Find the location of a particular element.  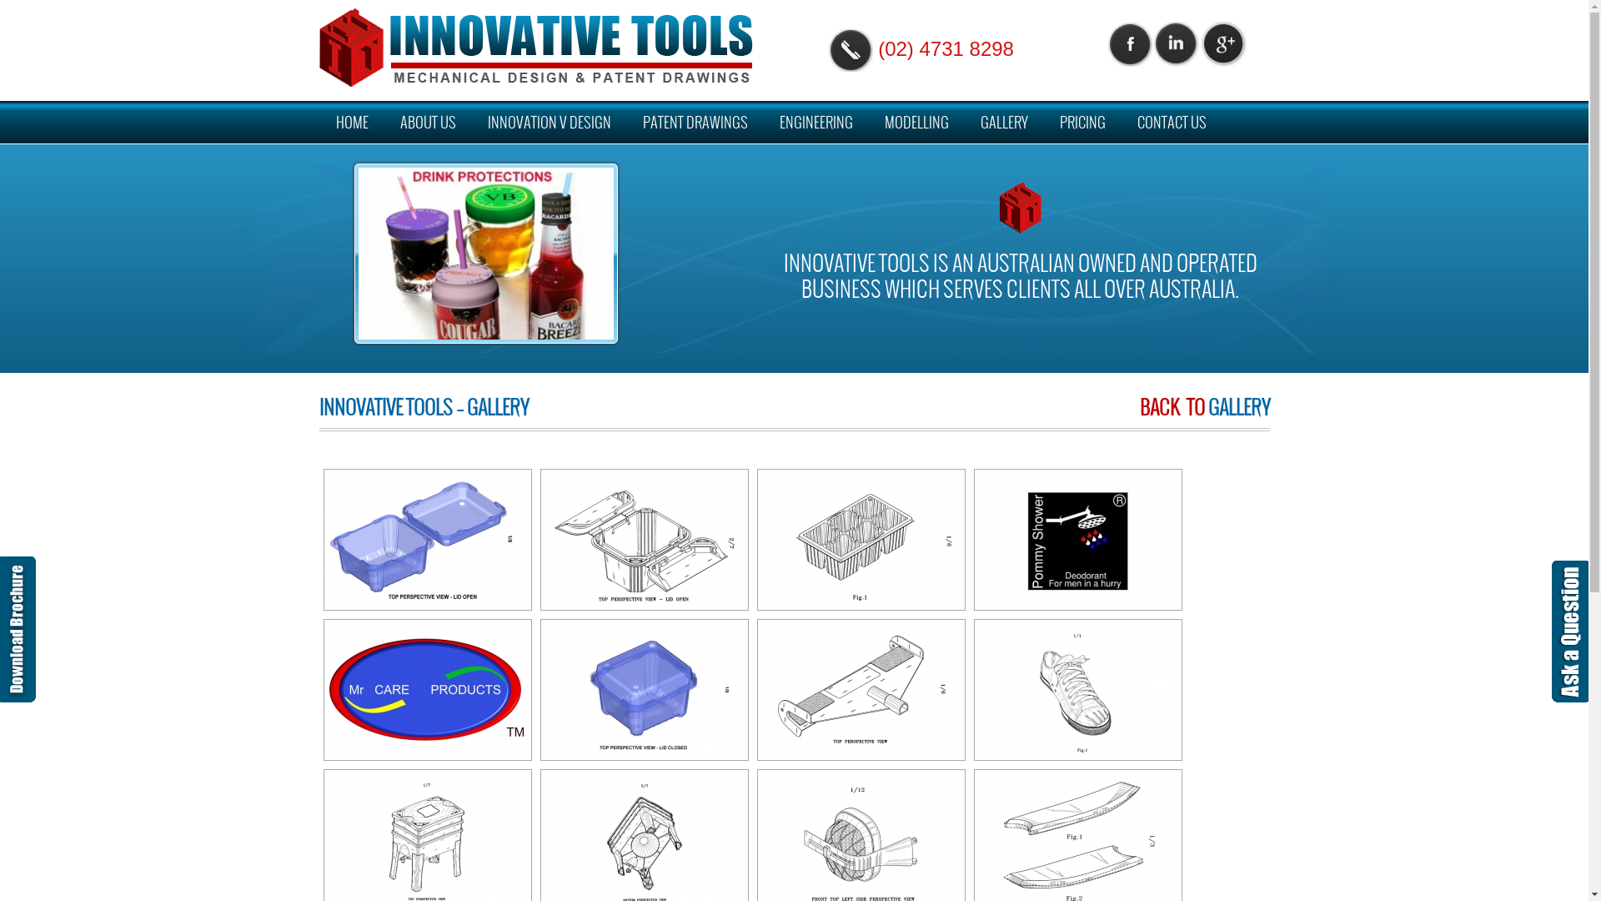

'MODELLING' is located at coordinates (915, 121).